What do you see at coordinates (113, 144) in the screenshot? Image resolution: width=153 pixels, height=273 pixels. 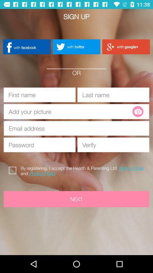 I see `reenter password` at bounding box center [113, 144].